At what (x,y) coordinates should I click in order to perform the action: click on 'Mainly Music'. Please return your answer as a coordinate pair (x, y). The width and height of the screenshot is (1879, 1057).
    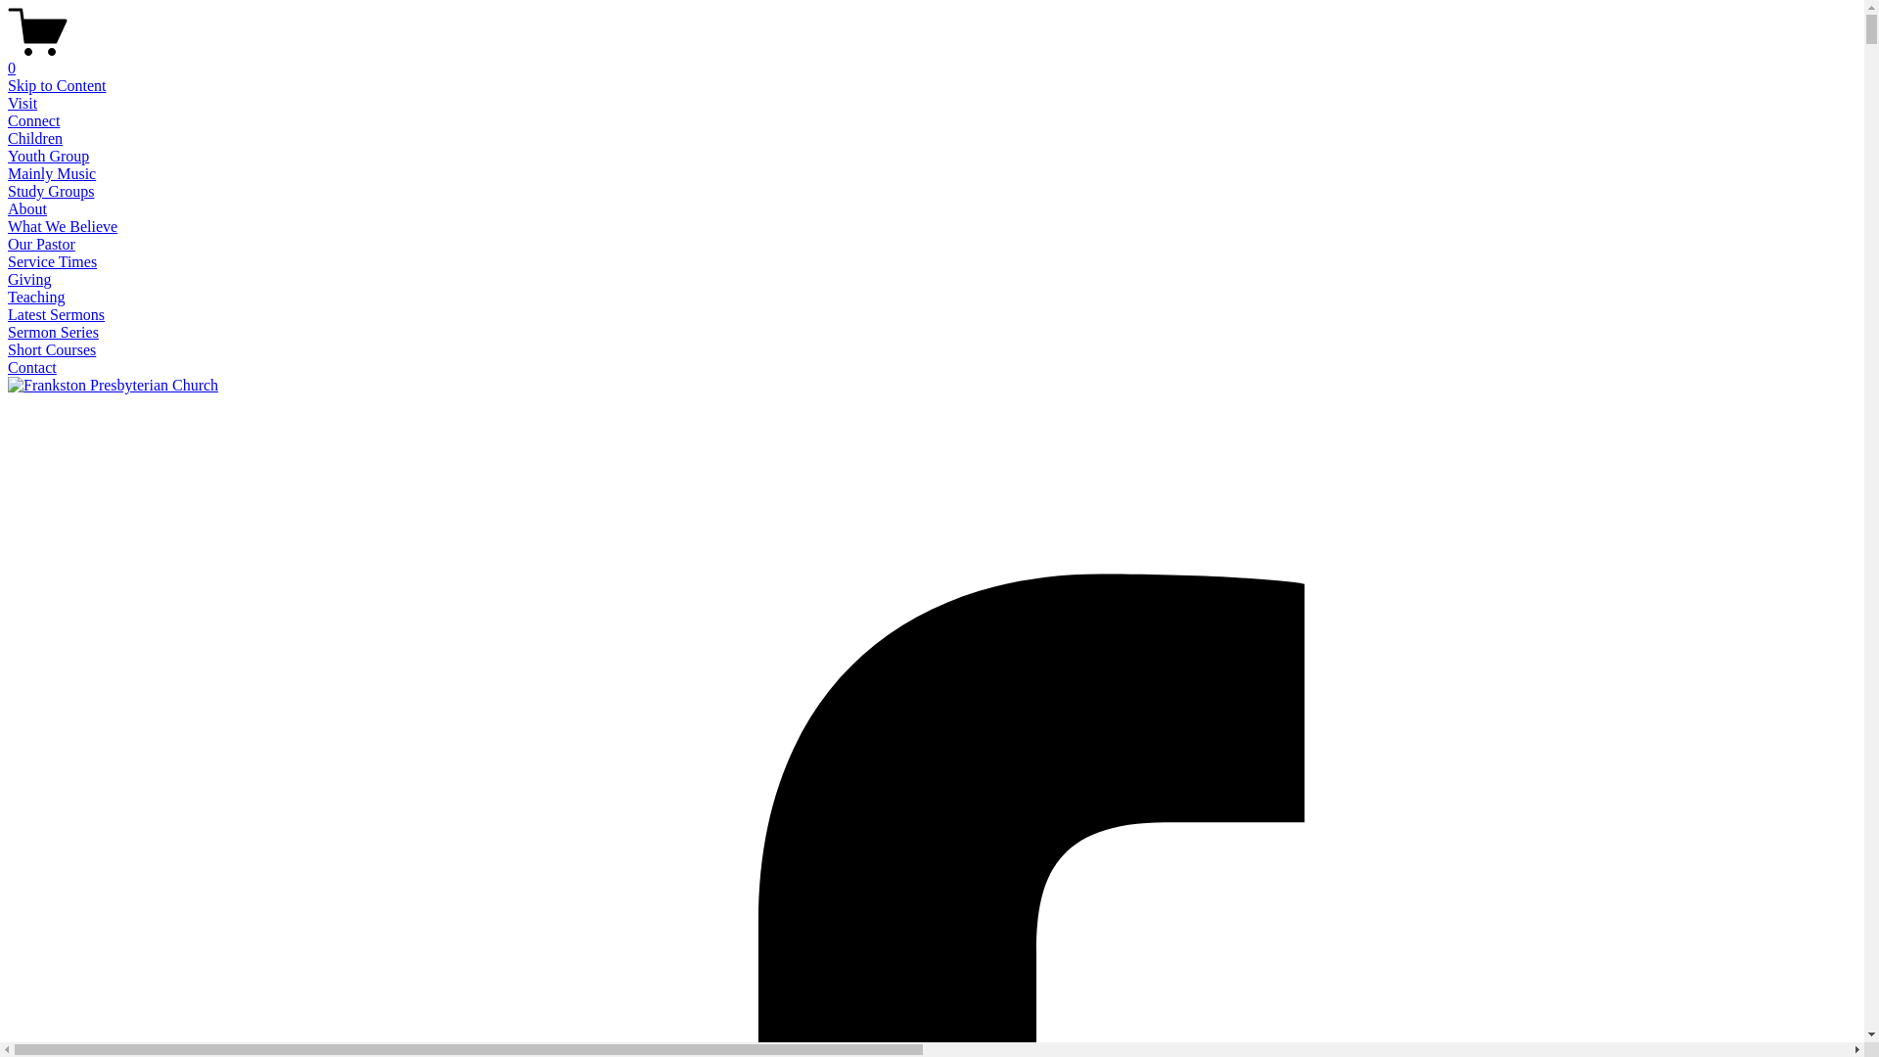
    Looking at the image, I should click on (8, 172).